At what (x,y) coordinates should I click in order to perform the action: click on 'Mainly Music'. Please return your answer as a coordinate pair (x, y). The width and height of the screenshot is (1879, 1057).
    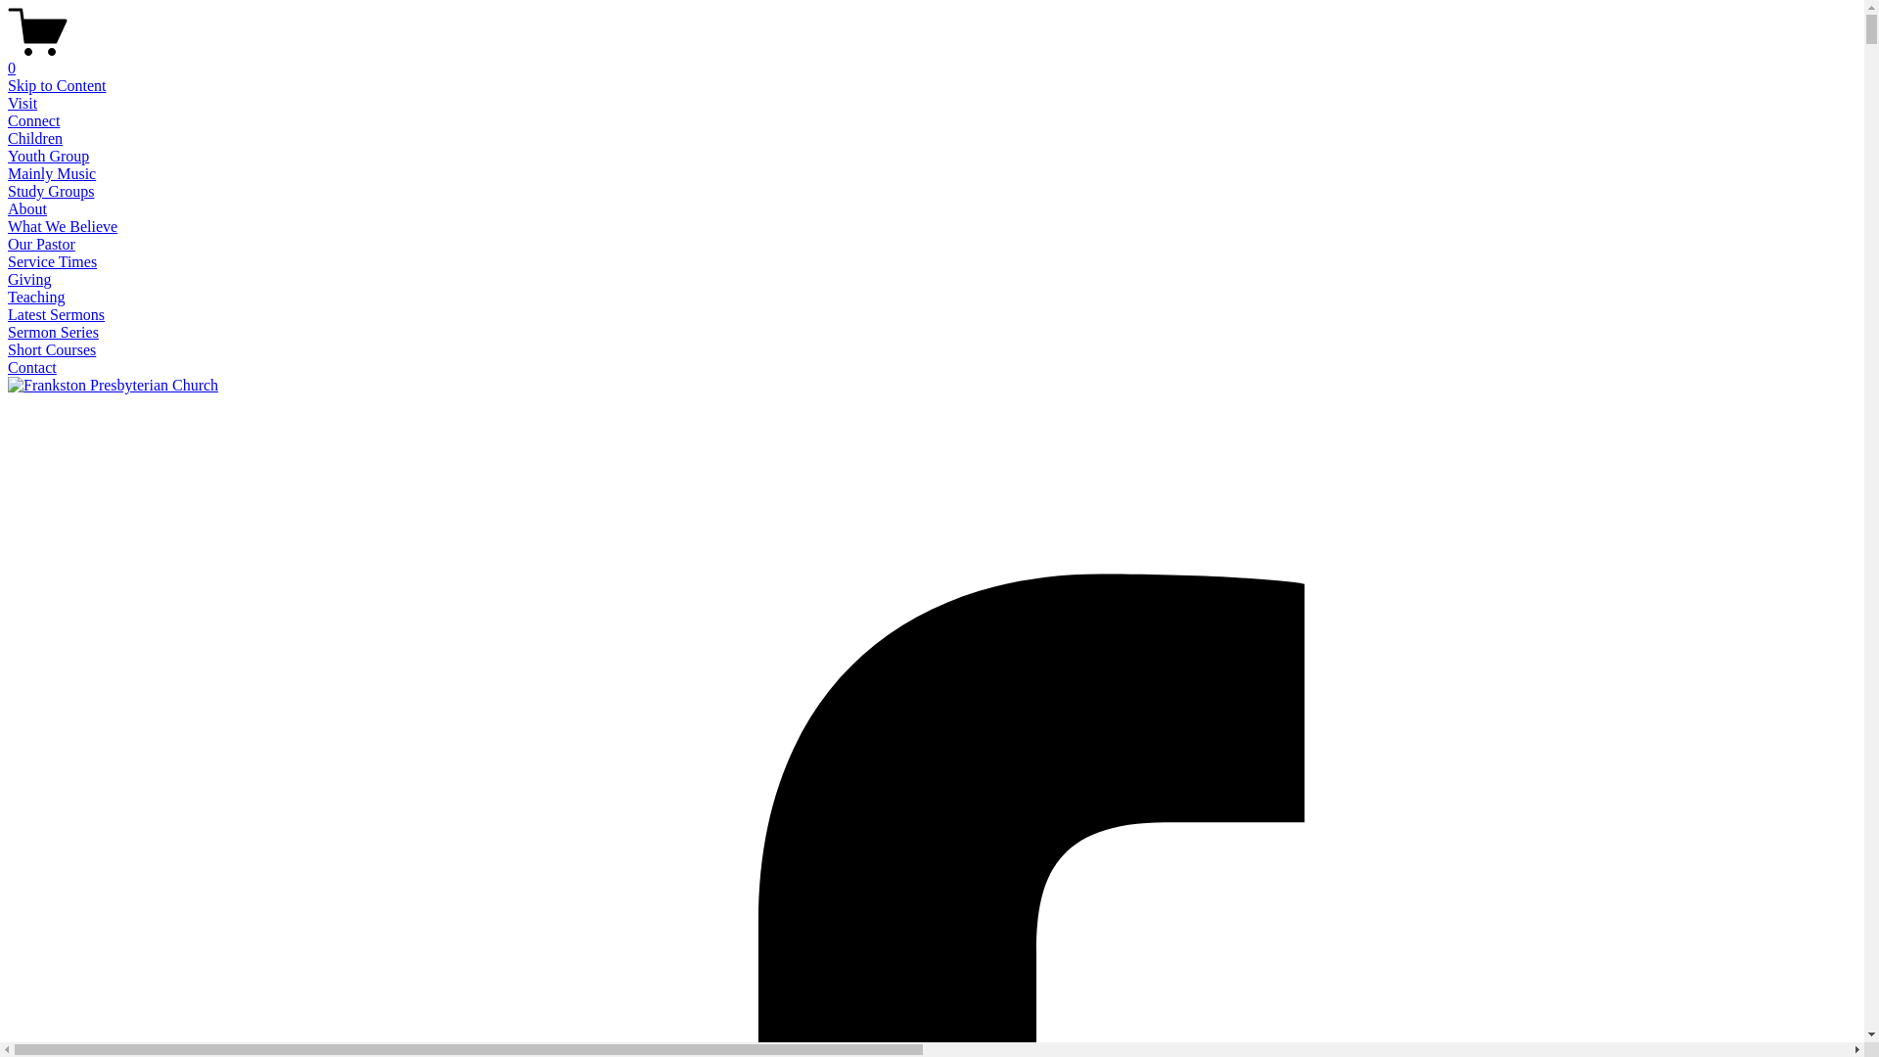
    Looking at the image, I should click on (8, 172).